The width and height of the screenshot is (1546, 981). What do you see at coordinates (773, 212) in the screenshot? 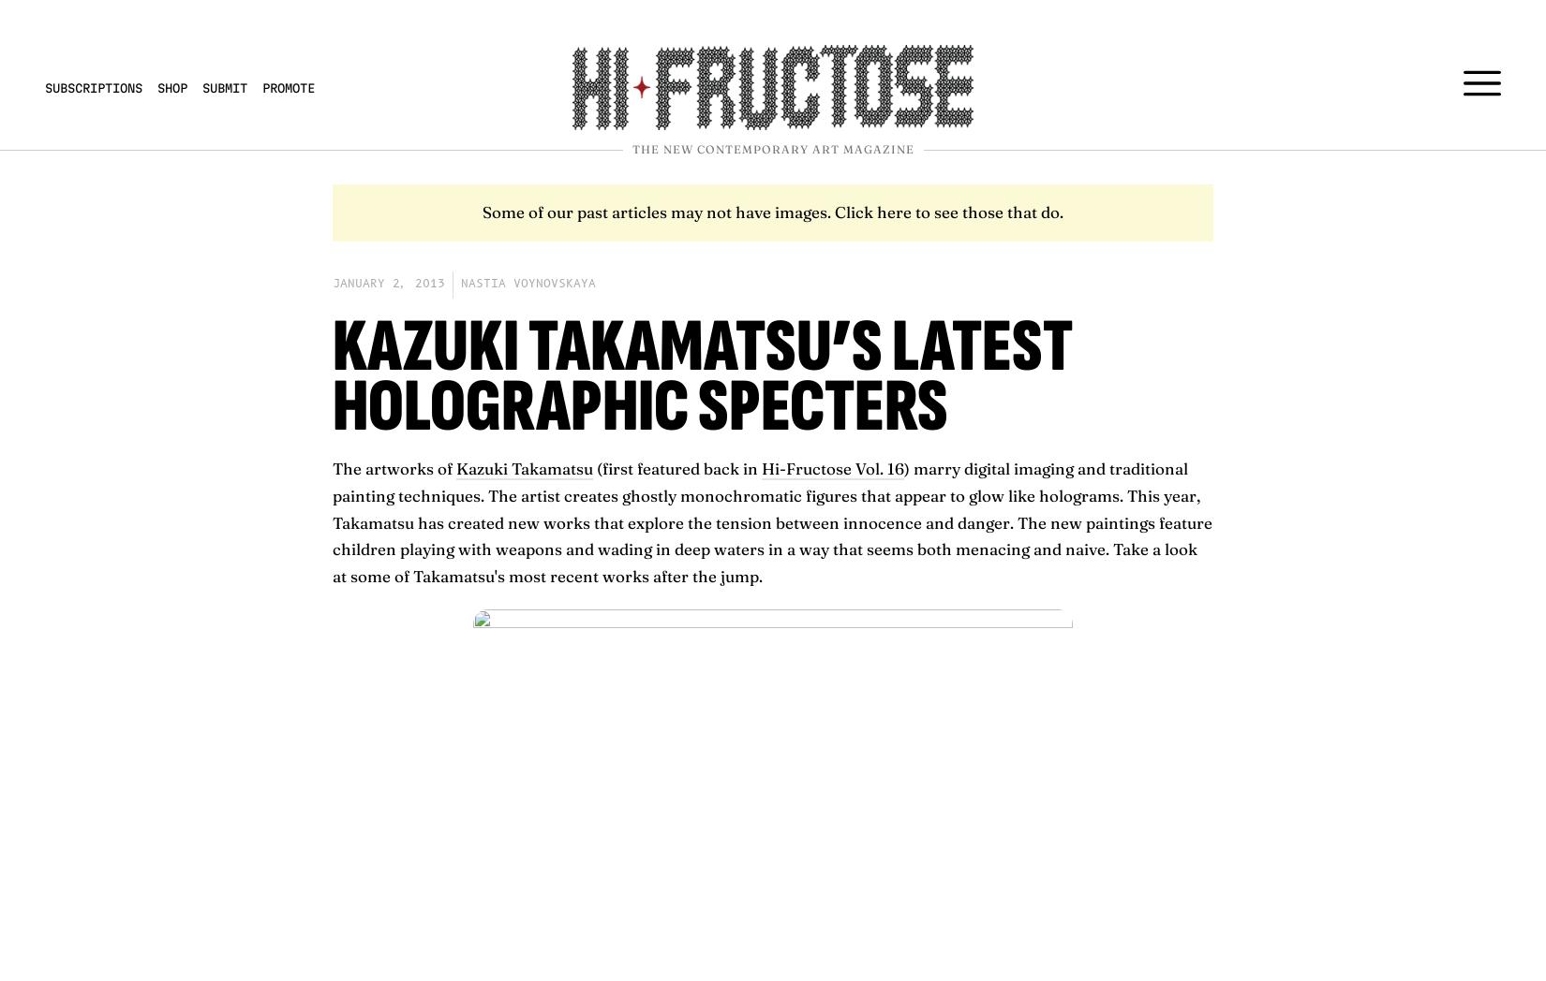
I see `'Some of our past articles may not have images. Click here to see those that do.'` at bounding box center [773, 212].